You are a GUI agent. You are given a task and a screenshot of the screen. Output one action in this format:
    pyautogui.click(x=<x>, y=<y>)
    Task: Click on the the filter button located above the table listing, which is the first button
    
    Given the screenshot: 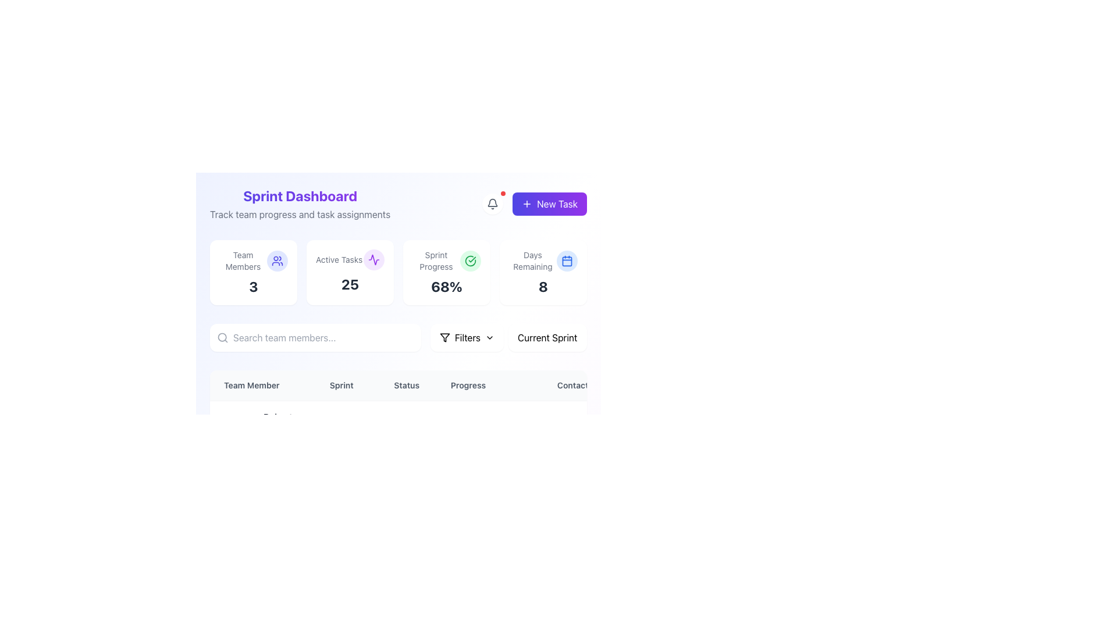 What is the action you would take?
    pyautogui.click(x=467, y=338)
    